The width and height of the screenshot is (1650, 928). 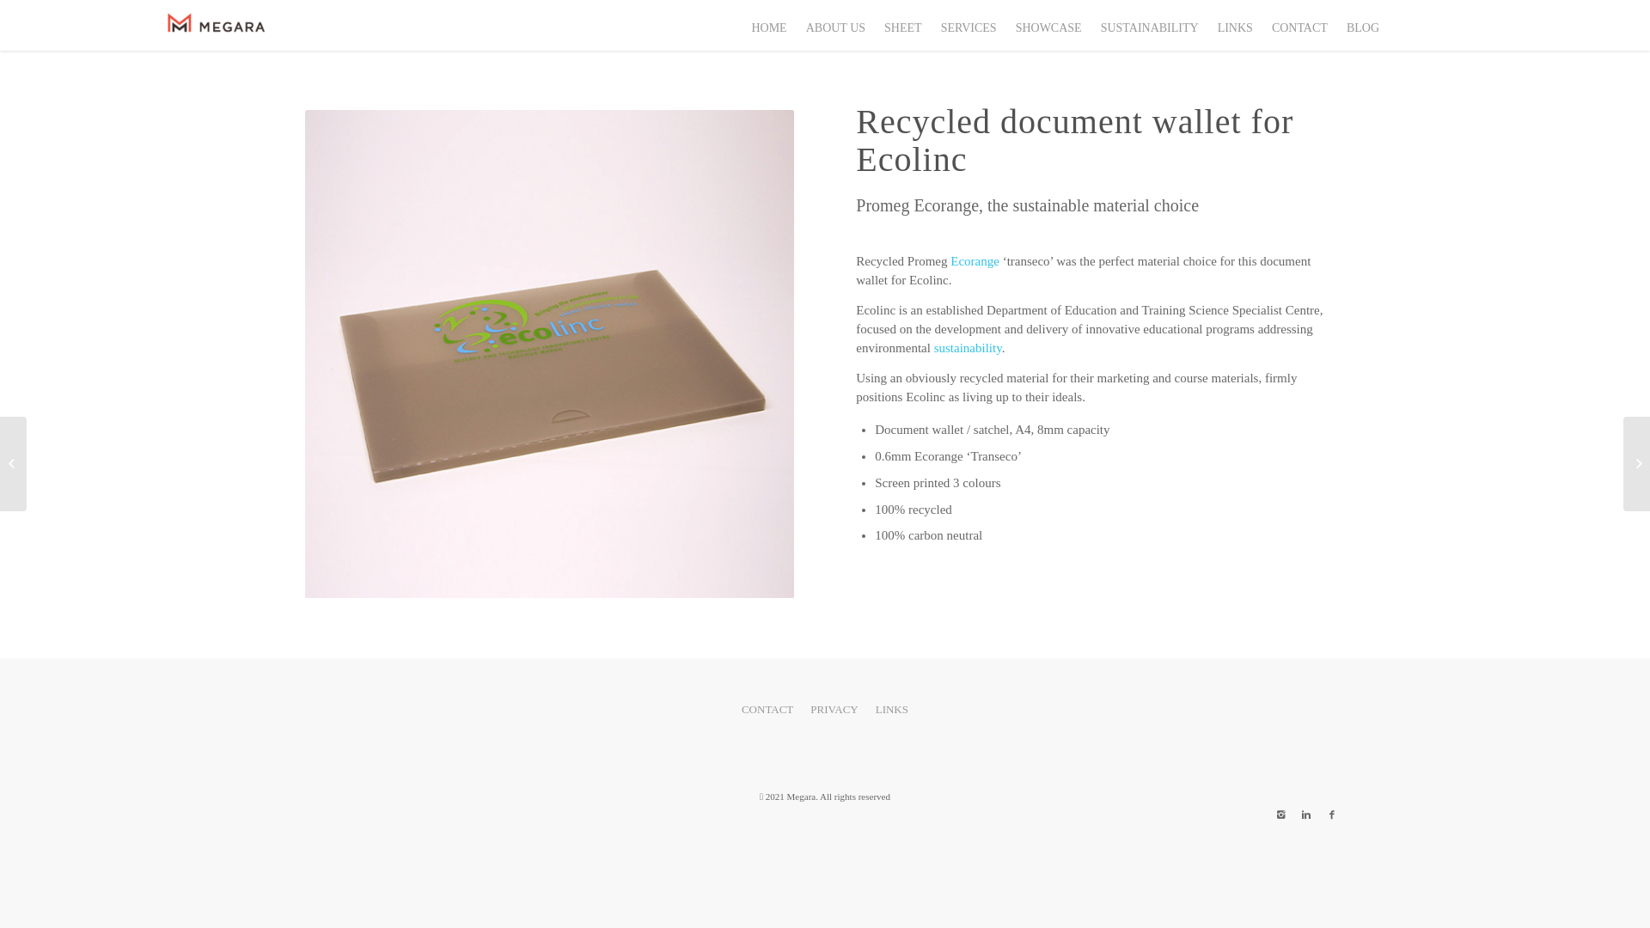 I want to click on 'LINKS', so click(x=1233, y=25).